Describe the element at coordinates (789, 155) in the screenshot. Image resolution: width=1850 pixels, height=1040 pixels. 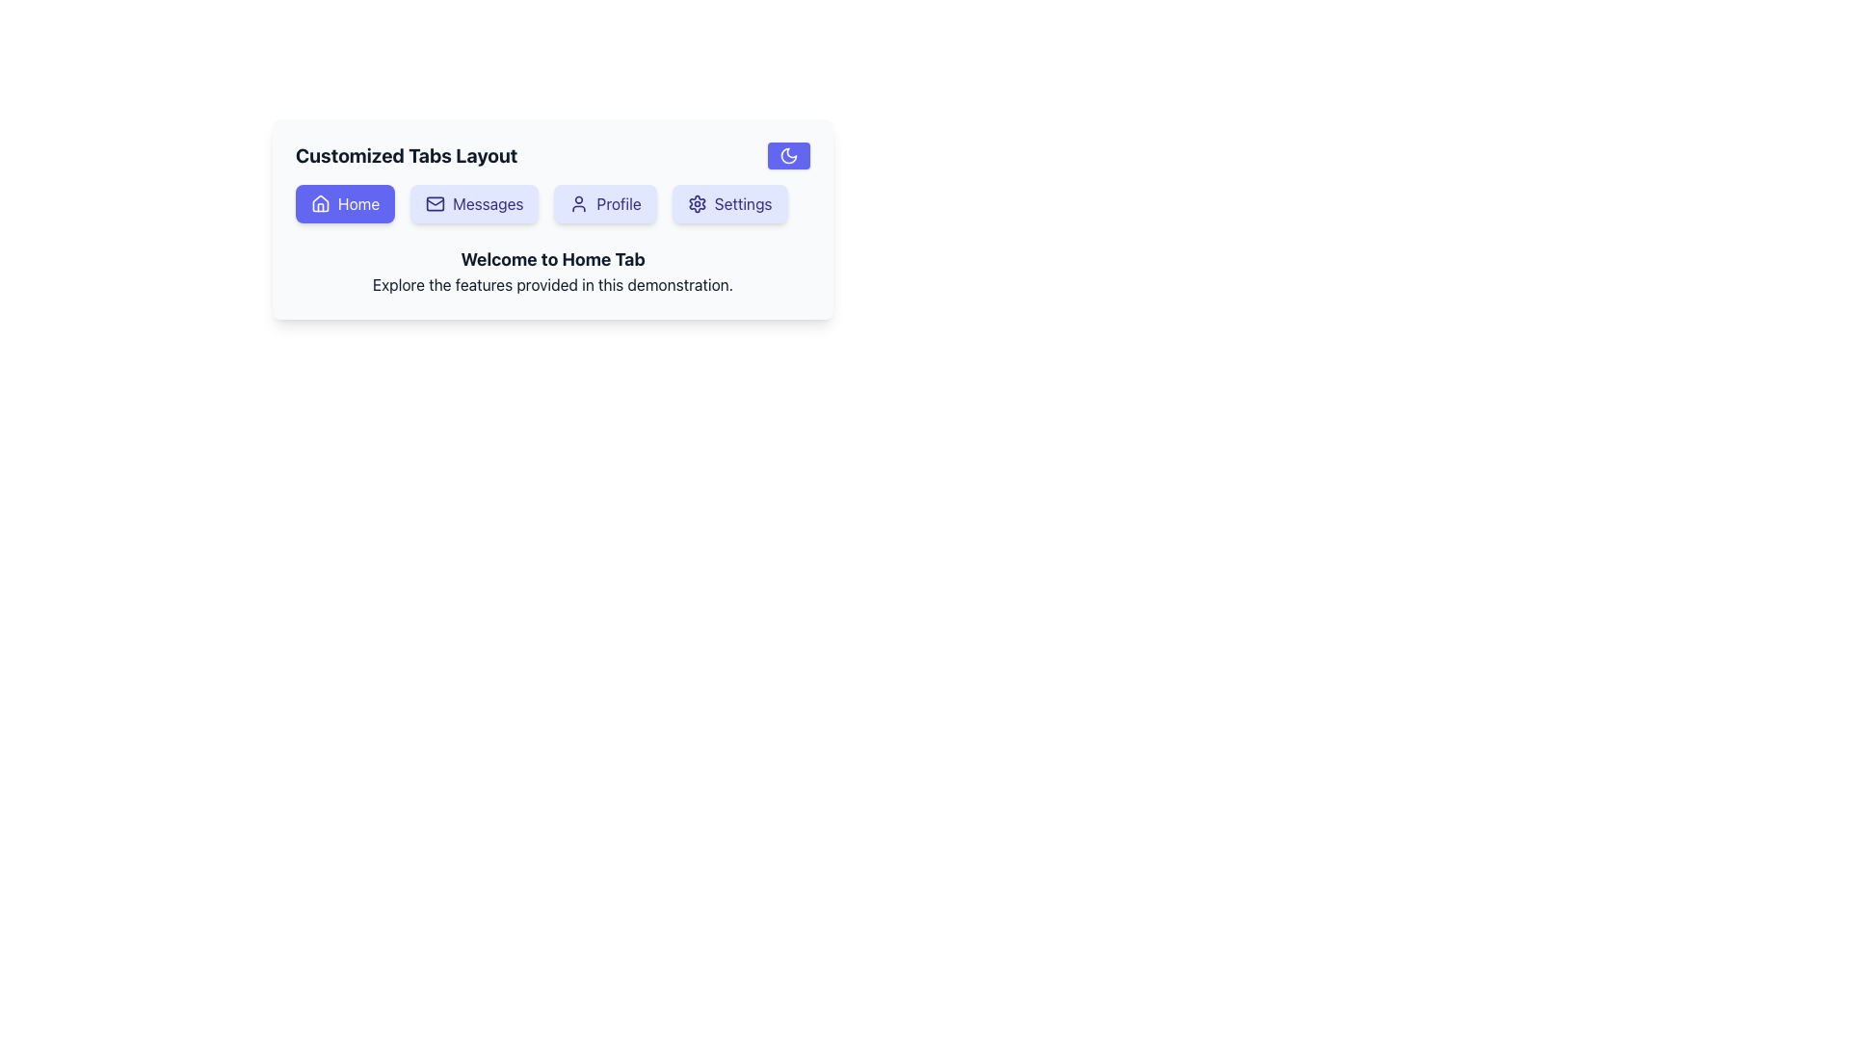
I see `the purple circular button icon located in the top-right section of the card` at that location.